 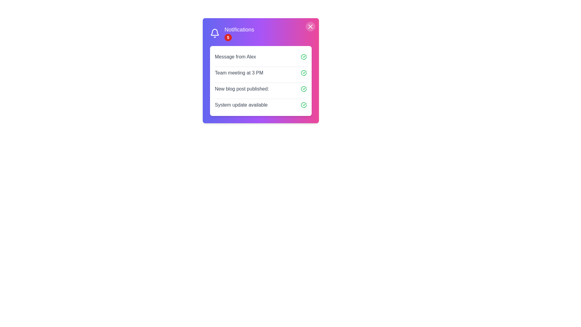 I want to click on the circular-shaped graphical component that conveys a check mark within a circle, located in the notification panel for the 'System update available' message, so click(x=304, y=104).